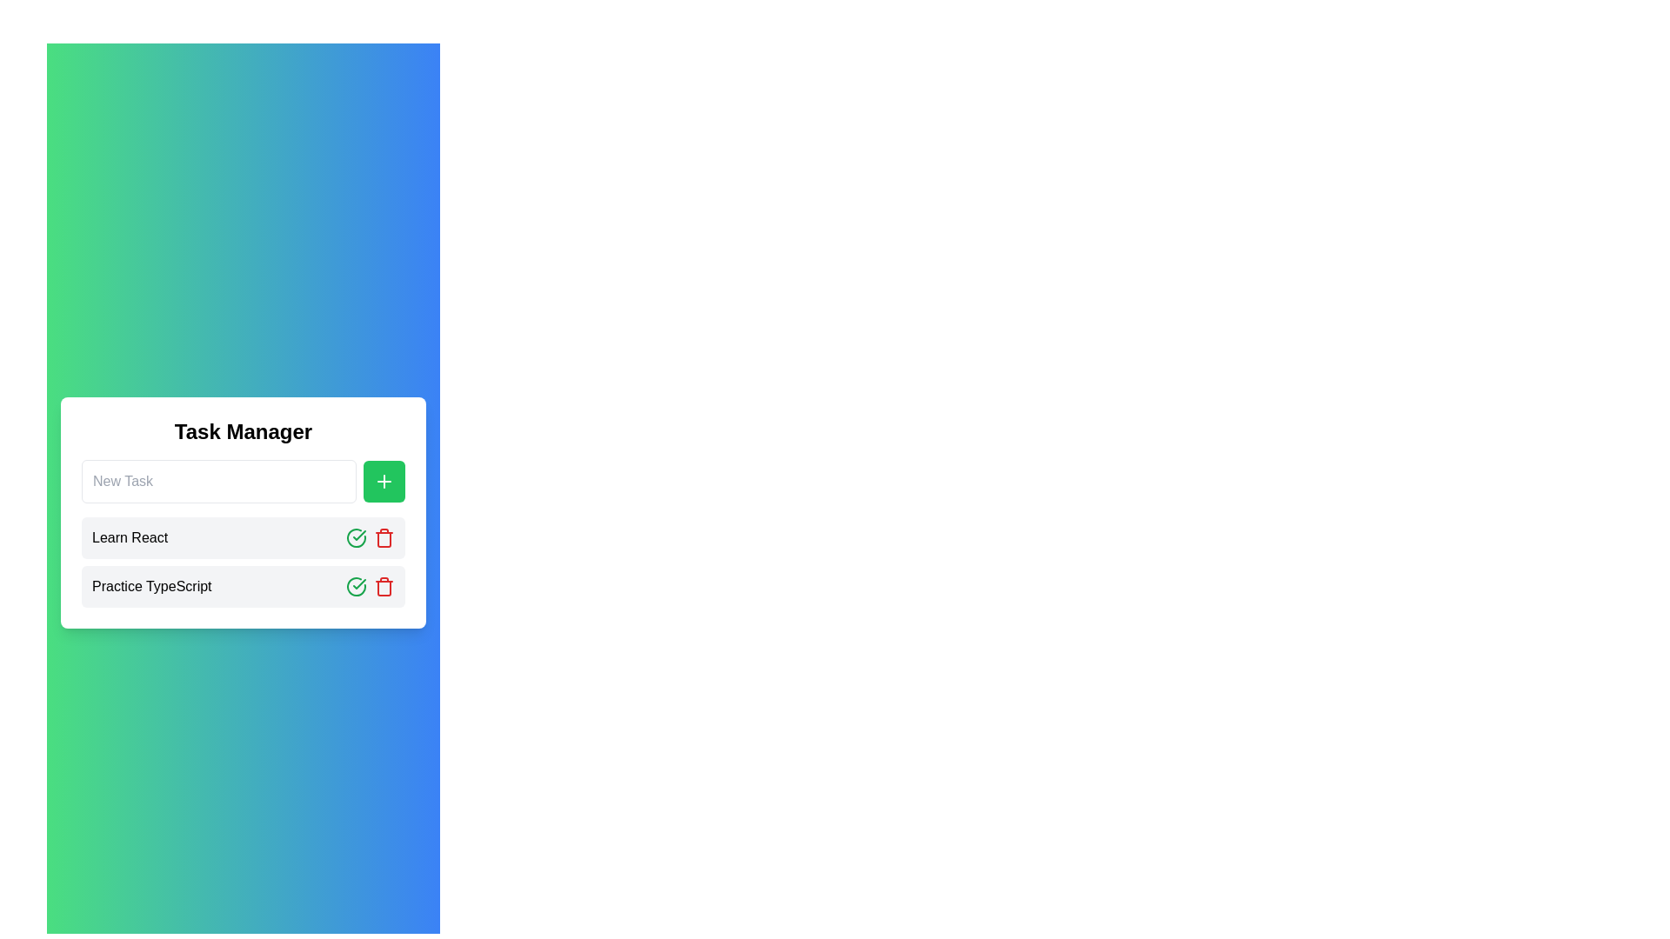 This screenshot has height=939, width=1670. I want to click on the 'Add' button located in the top-right corner of the task entry form, so click(383, 482).